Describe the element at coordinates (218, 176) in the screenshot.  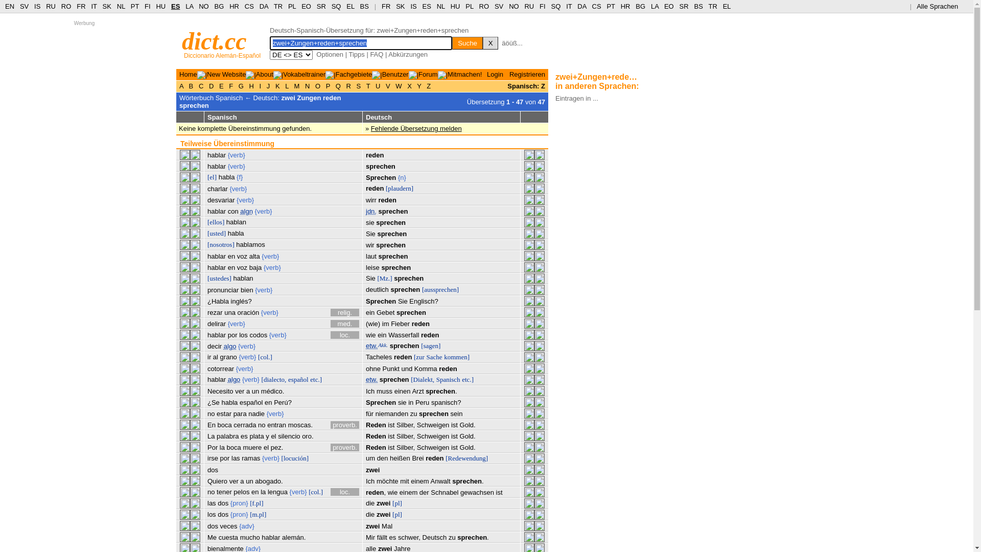
I see `'habla'` at that location.